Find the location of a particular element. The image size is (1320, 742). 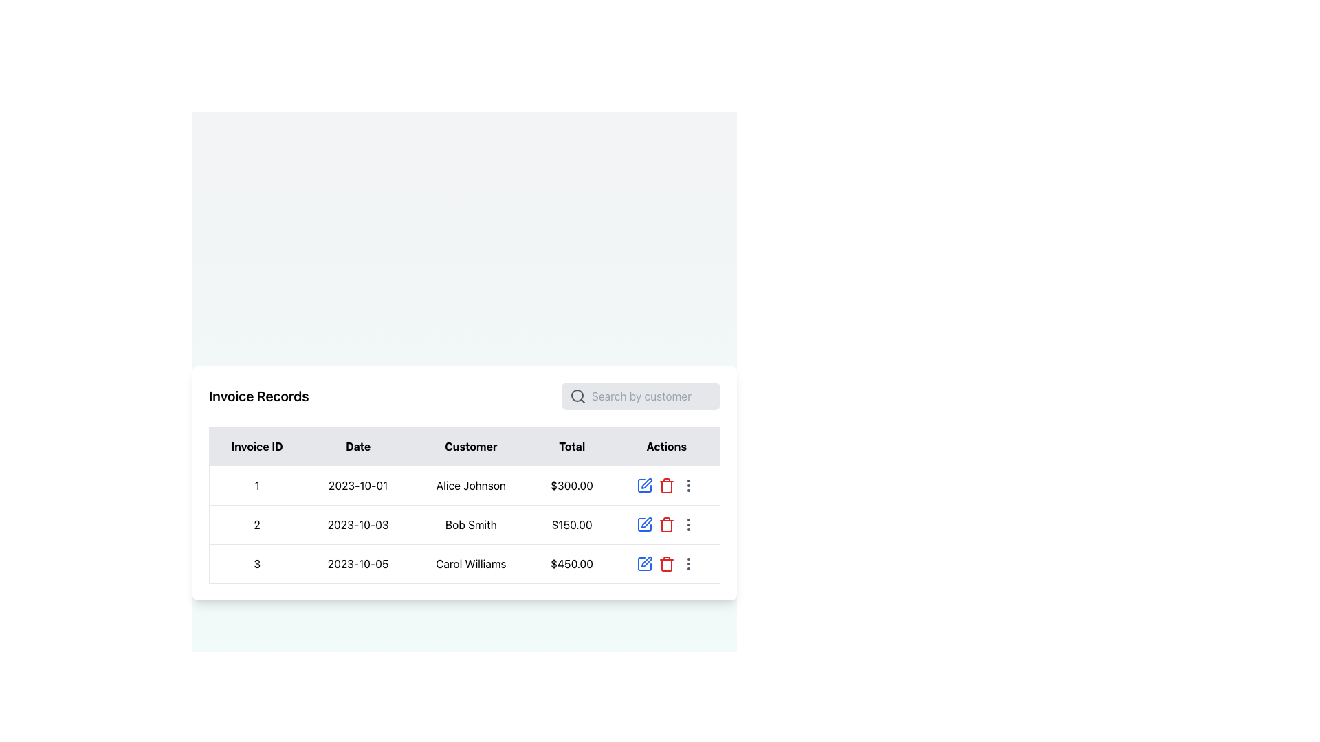

the 'Date' text label, which is the second column header in a table layout, displayed in bold within a light gray background is located at coordinates (358, 446).